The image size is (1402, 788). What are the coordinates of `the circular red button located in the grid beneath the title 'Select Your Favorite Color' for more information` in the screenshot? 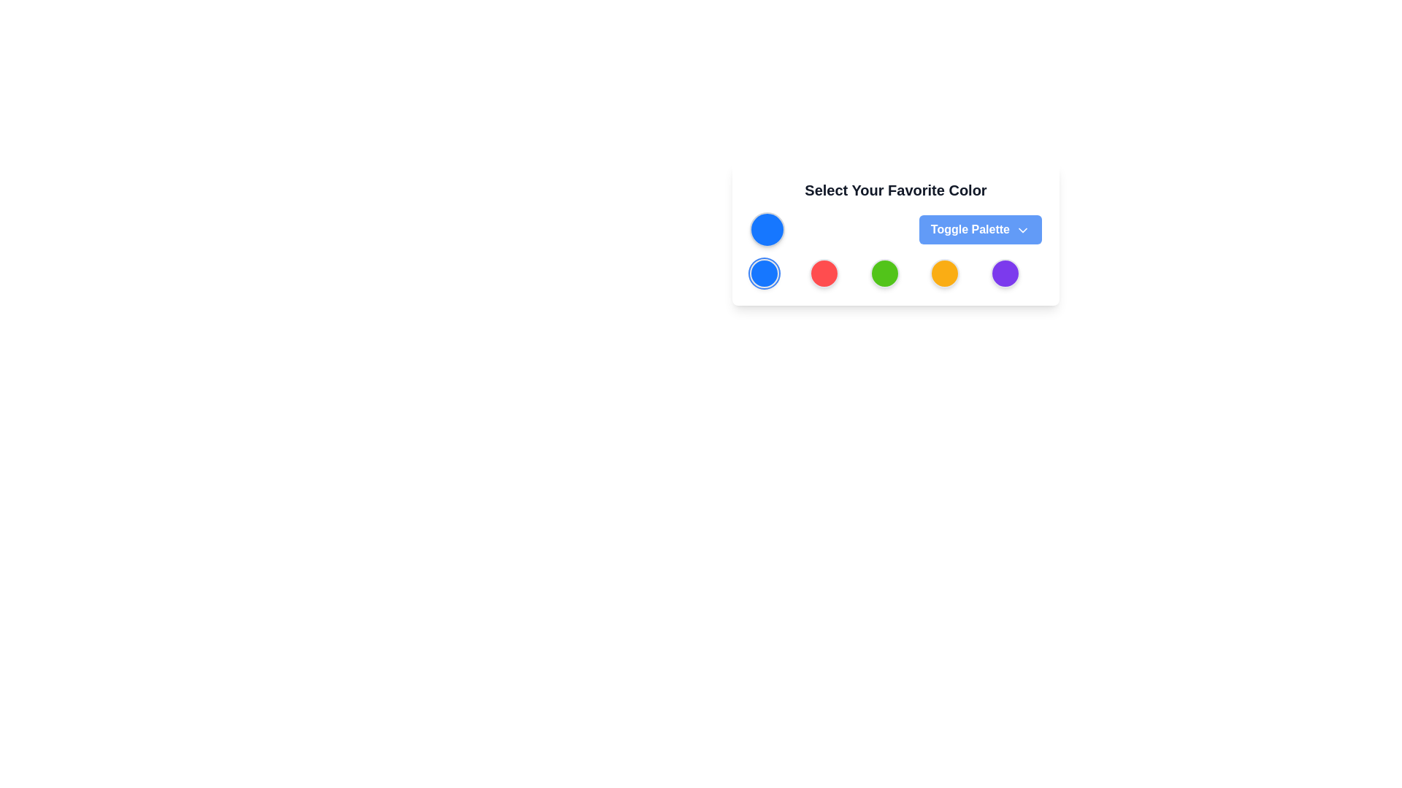 It's located at (824, 273).